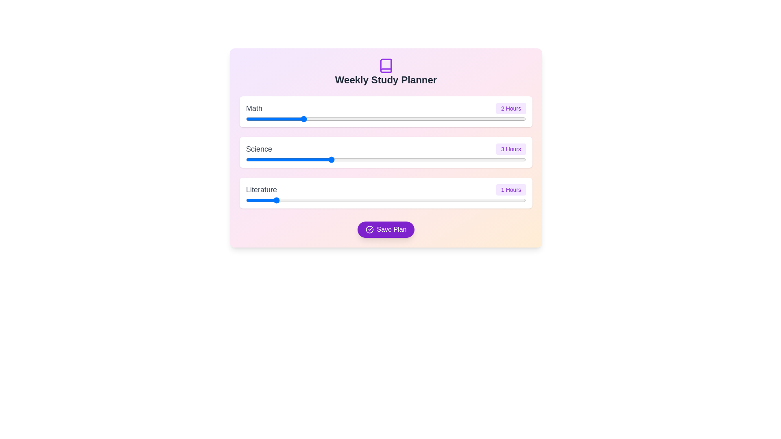  What do you see at coordinates (386, 200) in the screenshot?
I see `the element labeled 'Literature slider' to view its tooltip` at bounding box center [386, 200].